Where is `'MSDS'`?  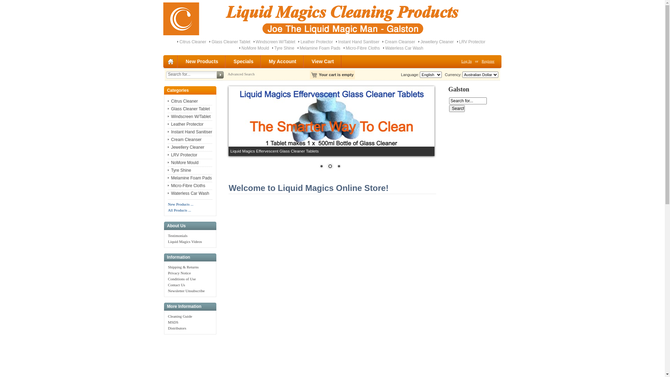
'MSDS' is located at coordinates (173, 322).